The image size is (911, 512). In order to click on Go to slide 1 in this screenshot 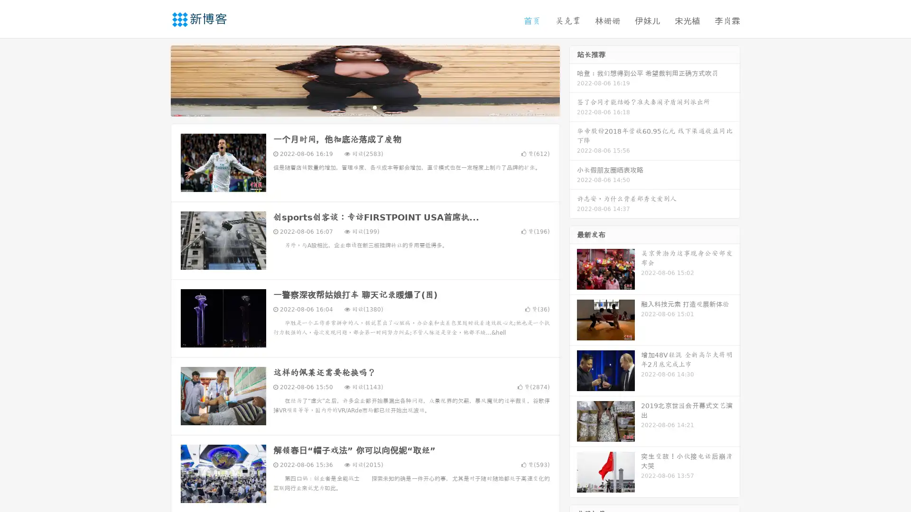, I will do `click(355, 107)`.